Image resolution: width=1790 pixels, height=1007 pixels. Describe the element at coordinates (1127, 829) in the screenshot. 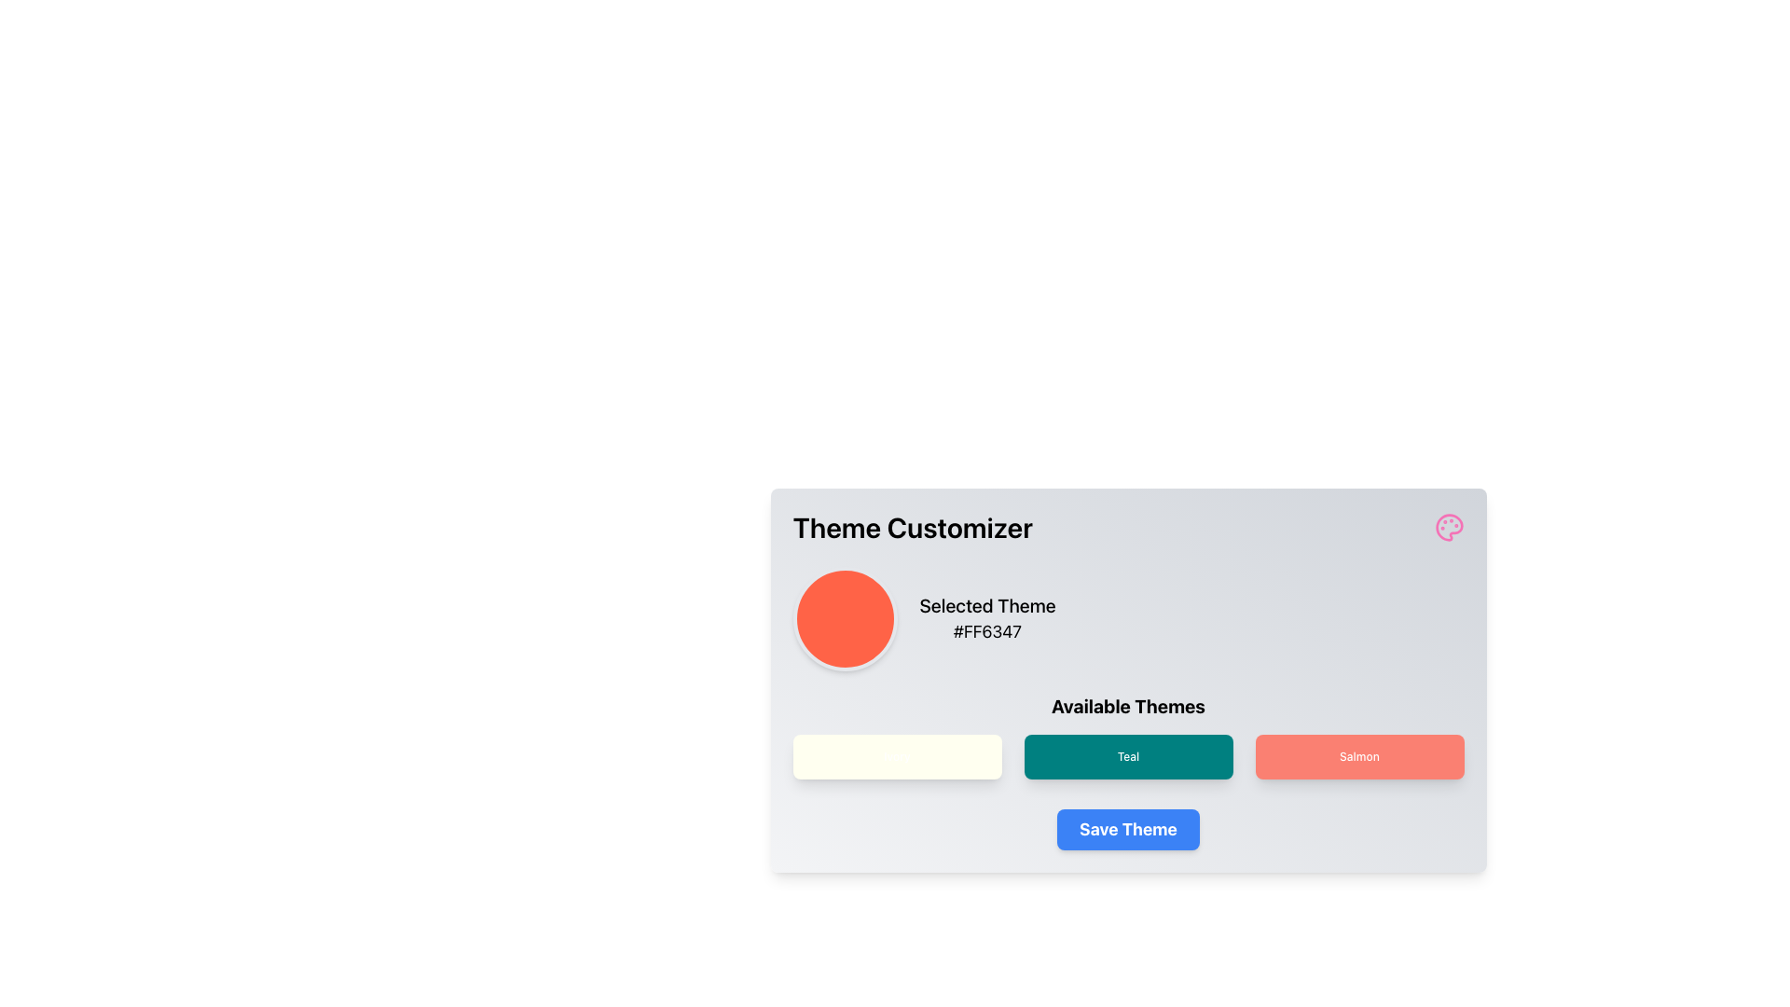

I see `the 'Save' button in the 'Theme Customizer' interface to confirm and save the currently selected theme` at that location.